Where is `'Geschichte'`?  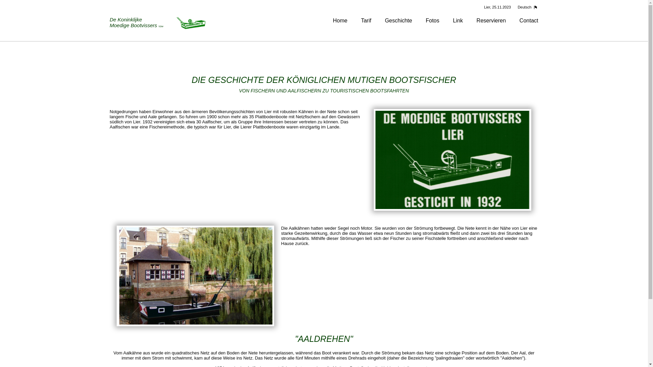
'Geschichte' is located at coordinates (385, 20).